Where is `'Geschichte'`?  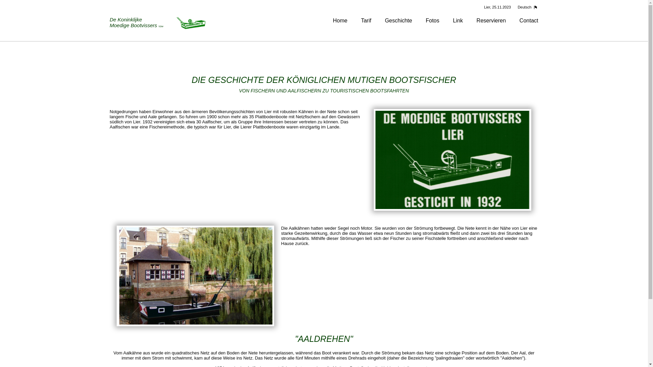
'Geschichte' is located at coordinates (385, 20).